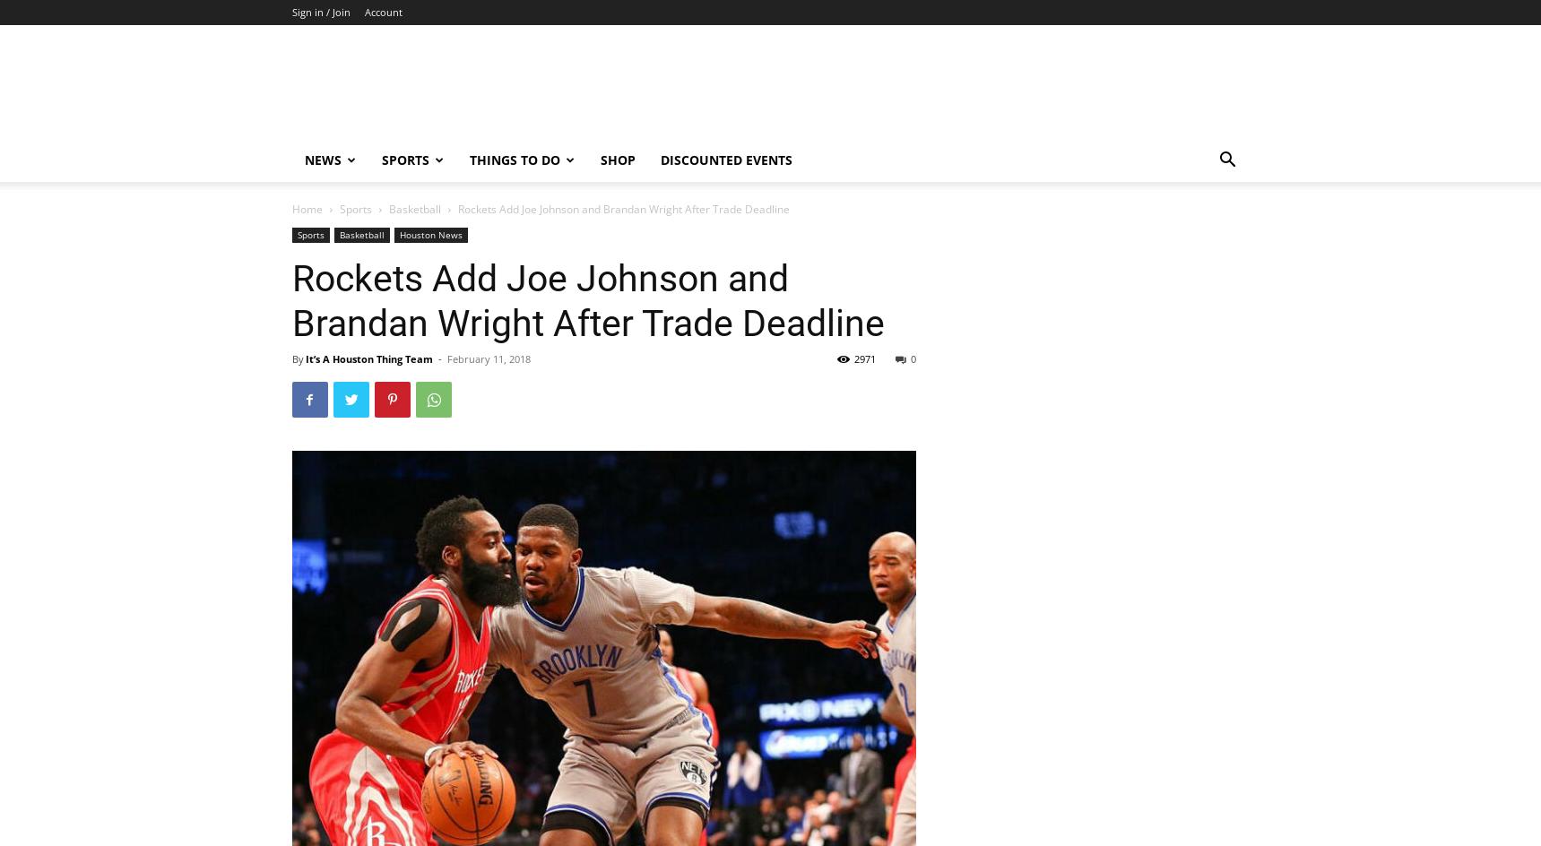 This screenshot has height=846, width=1541. Describe the element at coordinates (429, 234) in the screenshot. I see `'Houston News'` at that location.